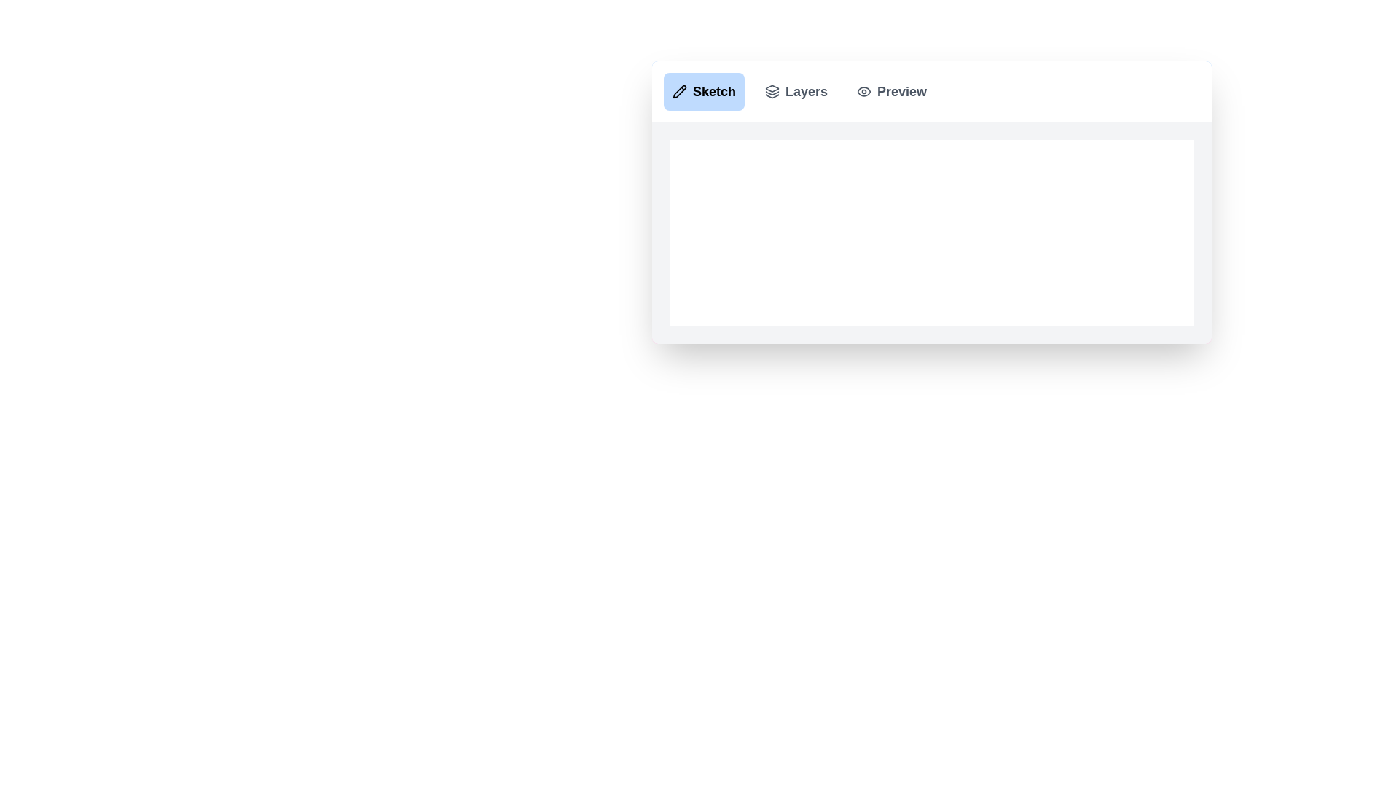 This screenshot has height=787, width=1399. Describe the element at coordinates (891, 92) in the screenshot. I see `the Preview tab` at that location.